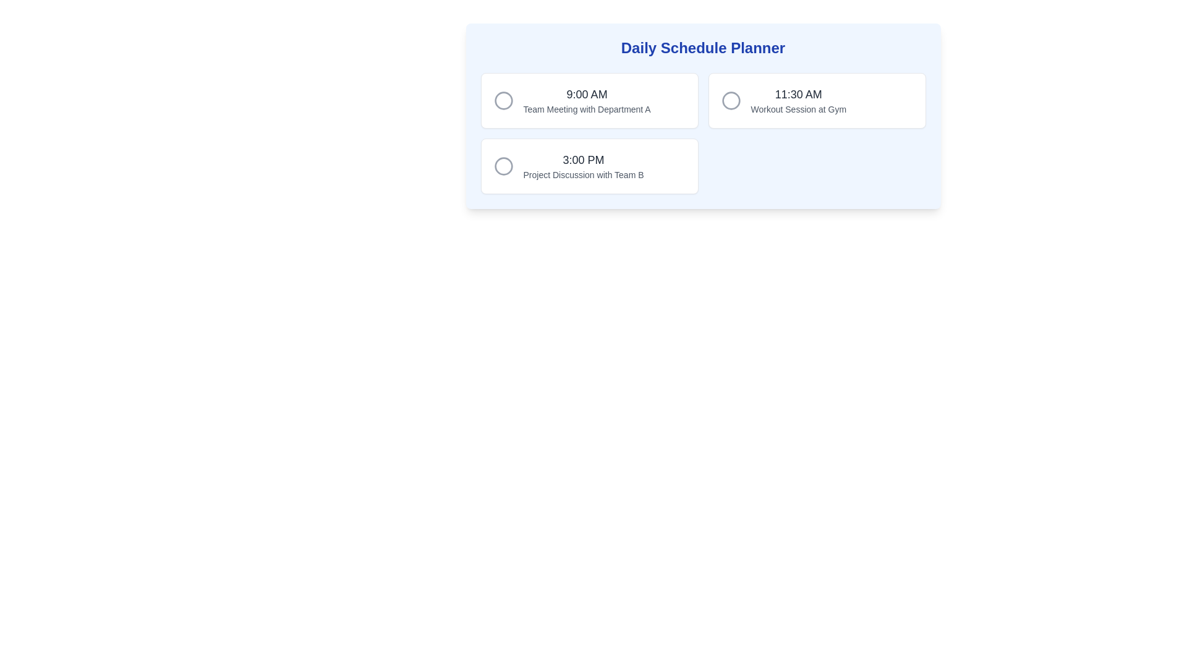 The image size is (1187, 668). I want to click on the Radio button for the 9:00 AM schedule entry in the Daily Schedule Planner interface, so click(503, 100).